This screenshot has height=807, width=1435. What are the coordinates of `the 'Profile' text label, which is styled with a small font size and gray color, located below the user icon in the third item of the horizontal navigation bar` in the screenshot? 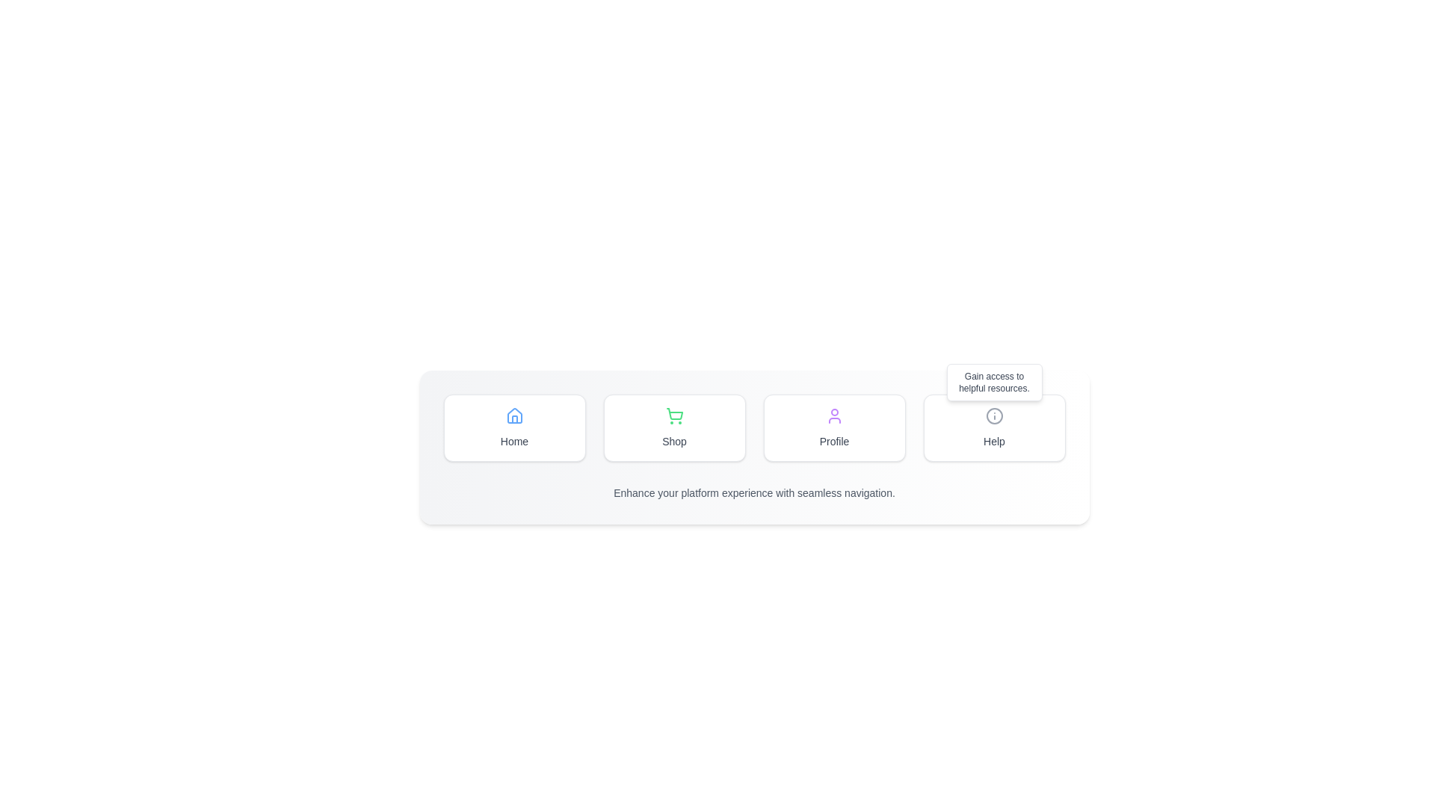 It's located at (833, 440).